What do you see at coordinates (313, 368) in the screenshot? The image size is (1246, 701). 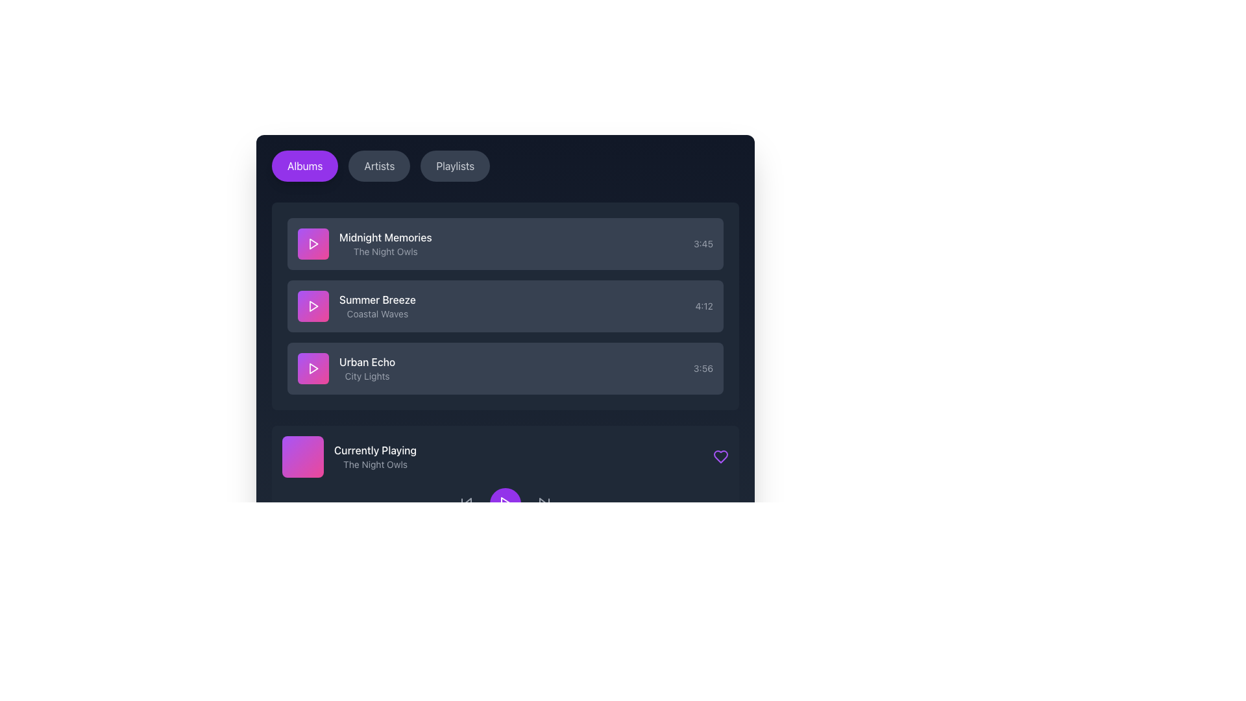 I see `the Play button icon for the third item in the 'Urban Echo' segment` at bounding box center [313, 368].